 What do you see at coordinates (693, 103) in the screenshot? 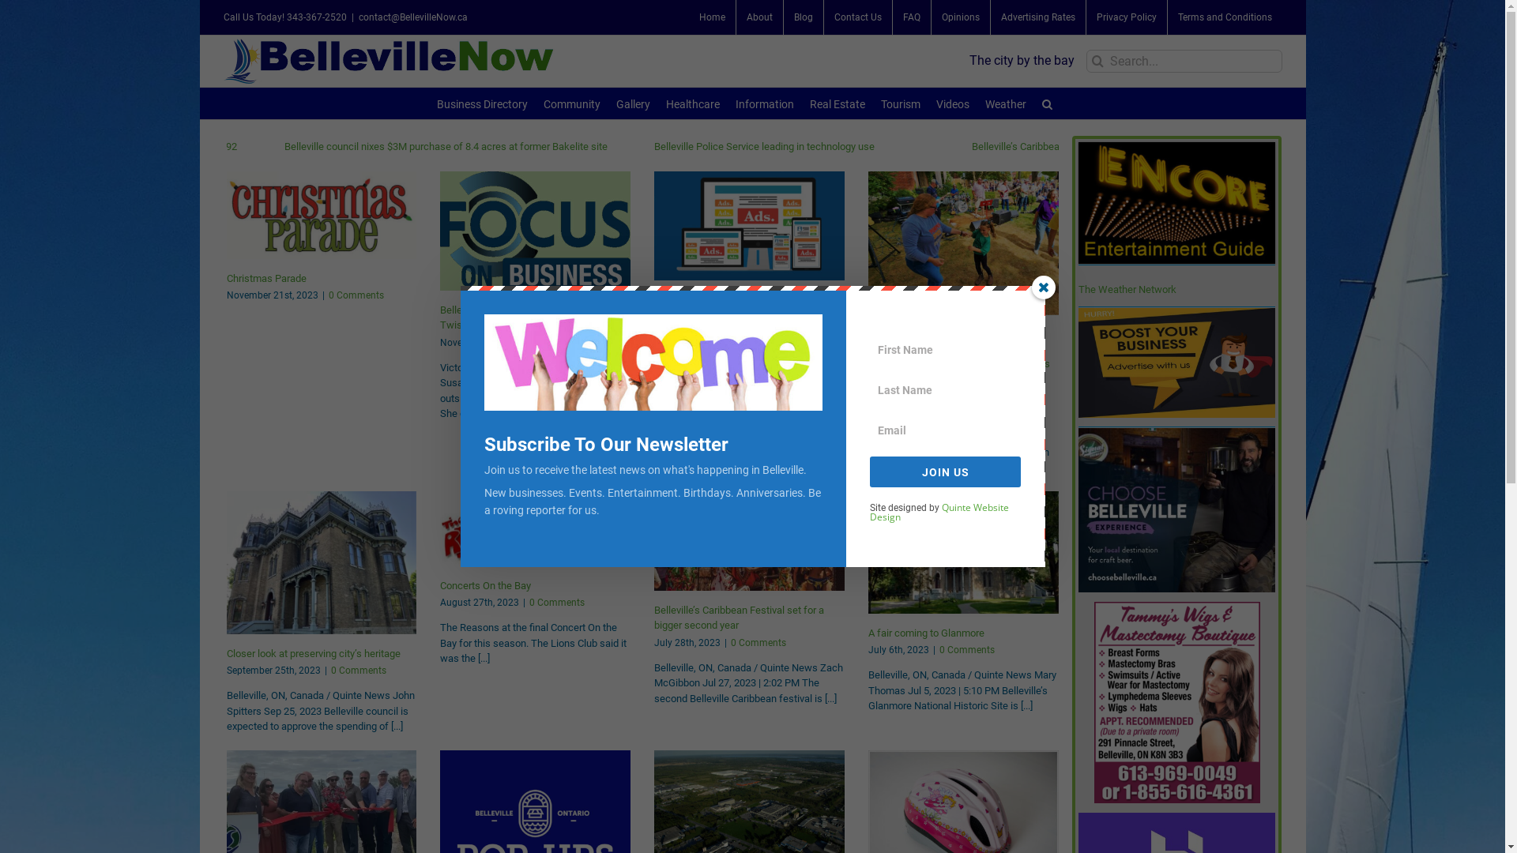
I see `'Healthcare'` at bounding box center [693, 103].